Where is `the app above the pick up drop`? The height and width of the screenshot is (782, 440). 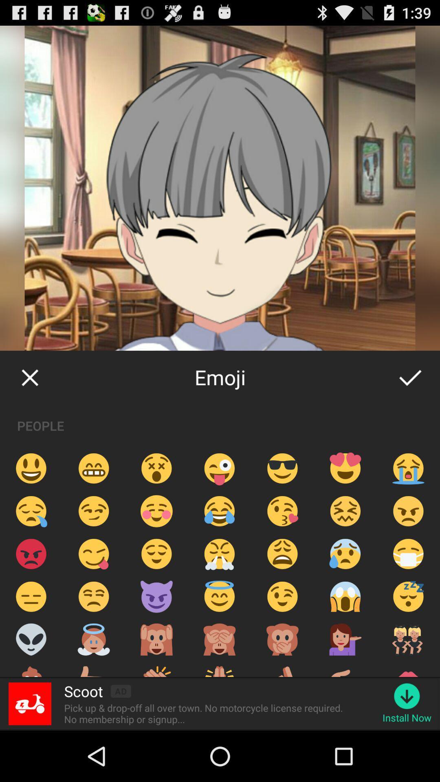
the app above the pick up drop is located at coordinates (84, 691).